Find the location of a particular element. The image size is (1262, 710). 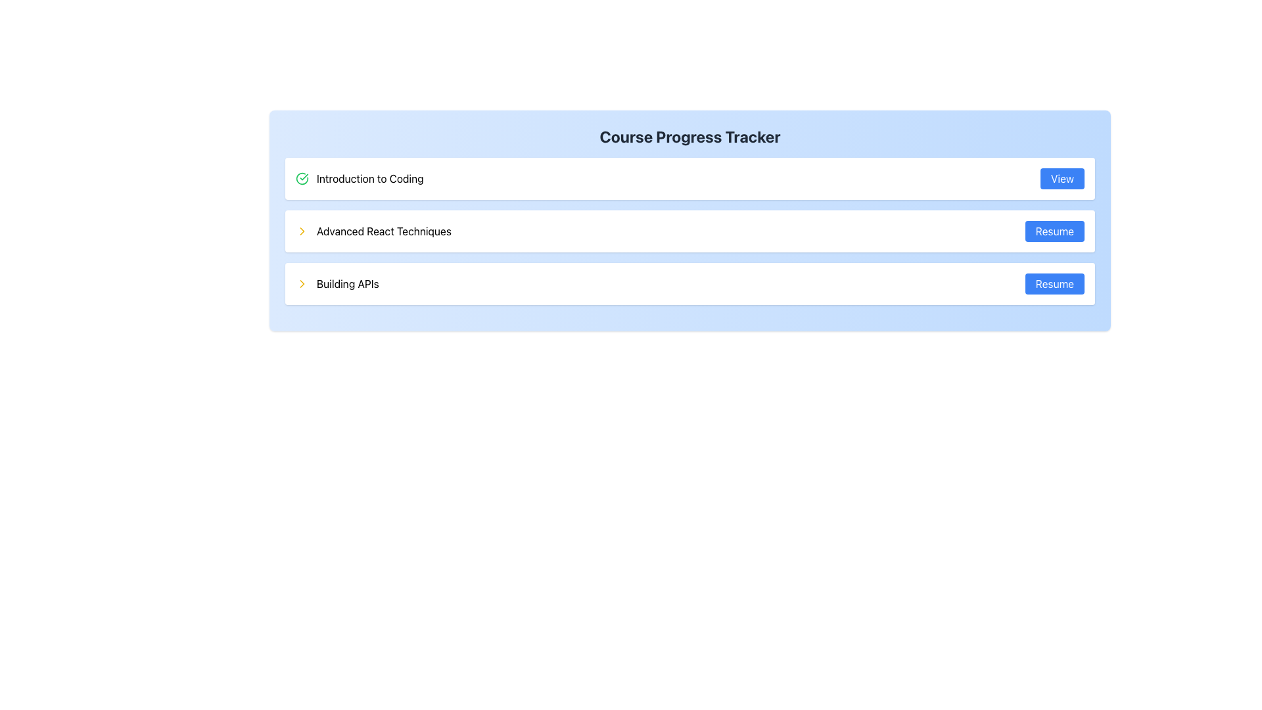

the 'Resume' button with a blue background and white text, located on the right side of the third row in the 'Building APIs' section, to change its color is located at coordinates (1054, 283).